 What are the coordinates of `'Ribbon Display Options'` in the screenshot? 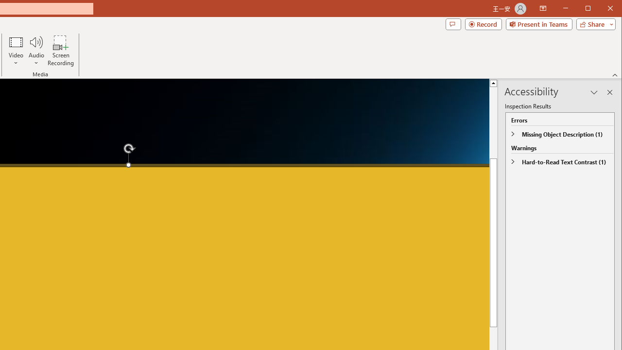 It's located at (542, 9).